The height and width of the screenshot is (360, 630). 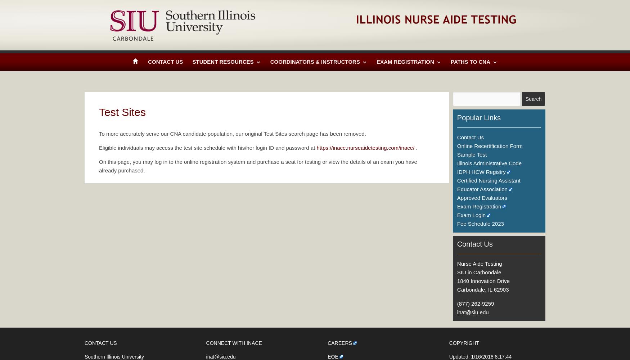 What do you see at coordinates (215, 99) in the screenshot?
I see `'Training Programs'` at bounding box center [215, 99].